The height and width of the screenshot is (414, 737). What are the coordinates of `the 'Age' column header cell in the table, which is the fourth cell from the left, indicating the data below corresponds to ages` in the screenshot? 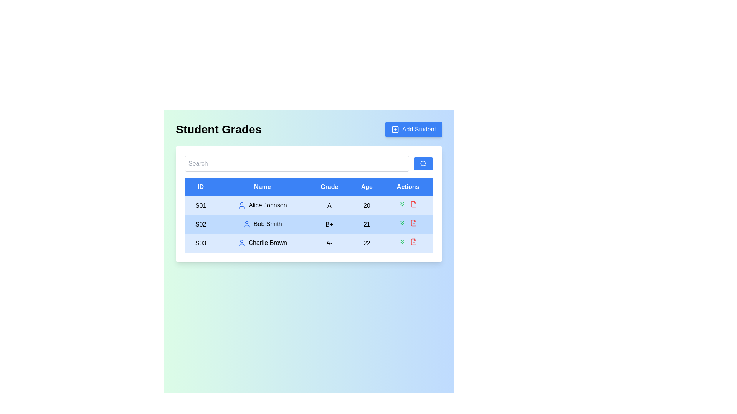 It's located at (366, 187).